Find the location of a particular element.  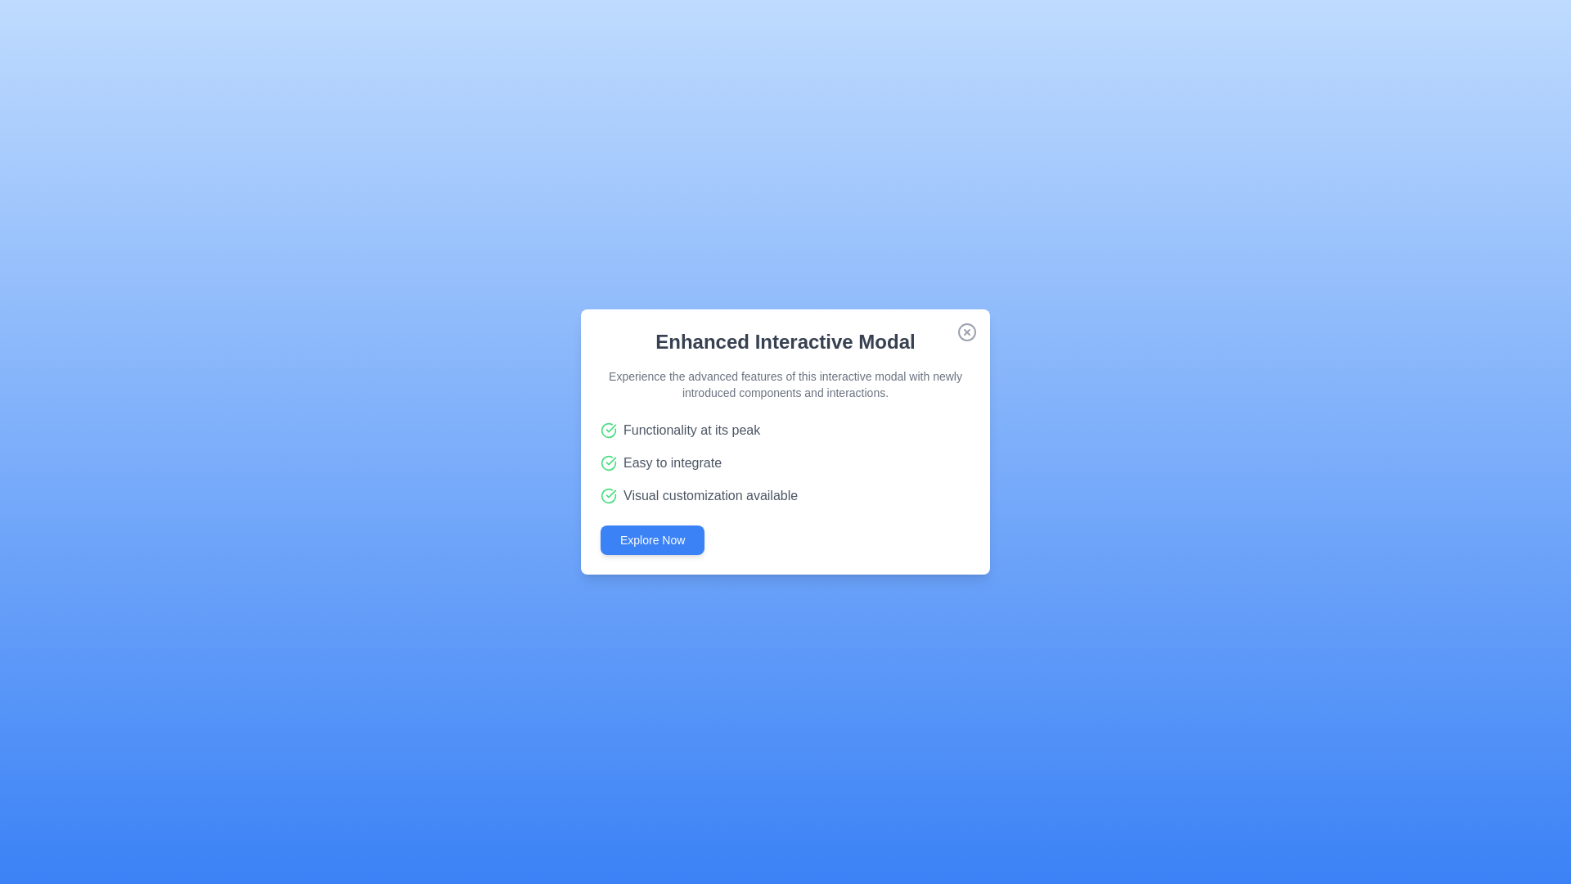

the bold, large heading 'Enhanced Interactive Modal' located at the top of the white rounded modal window is located at coordinates (785, 341).